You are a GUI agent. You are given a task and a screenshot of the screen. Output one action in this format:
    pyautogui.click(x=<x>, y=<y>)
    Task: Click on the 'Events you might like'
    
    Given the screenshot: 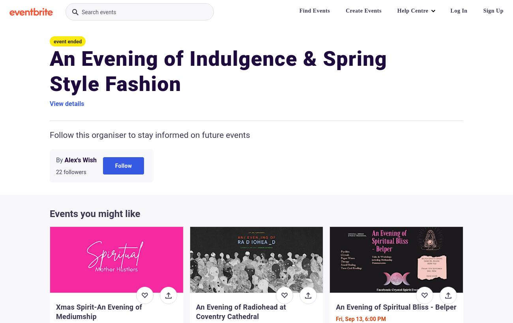 What is the action you would take?
    pyautogui.click(x=94, y=213)
    